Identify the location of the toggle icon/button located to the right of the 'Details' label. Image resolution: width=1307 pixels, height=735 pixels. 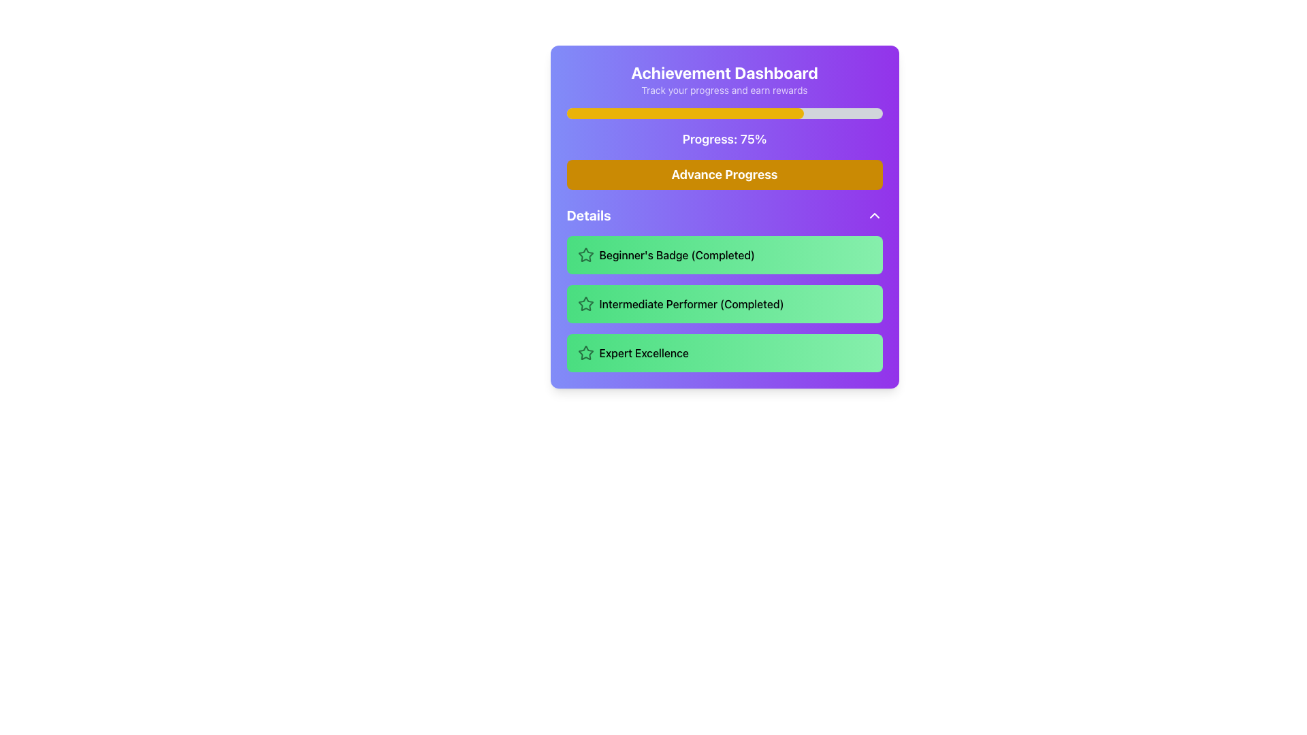
(874, 214).